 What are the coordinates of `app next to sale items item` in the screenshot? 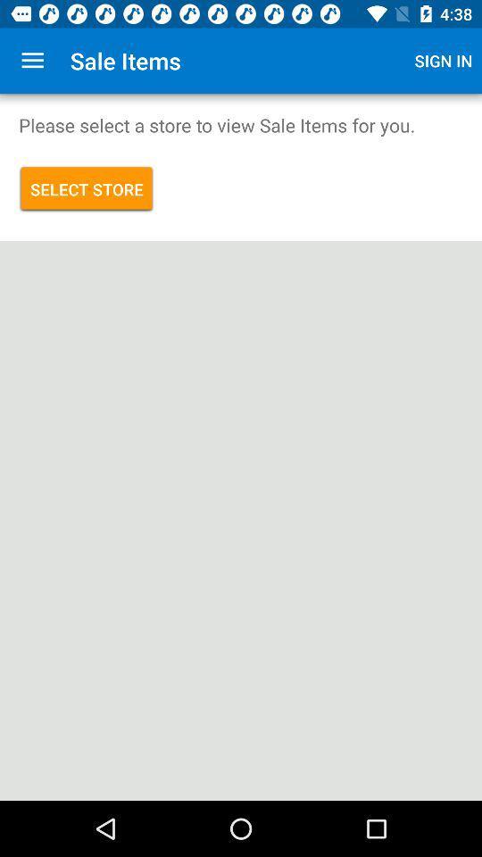 It's located at (443, 61).